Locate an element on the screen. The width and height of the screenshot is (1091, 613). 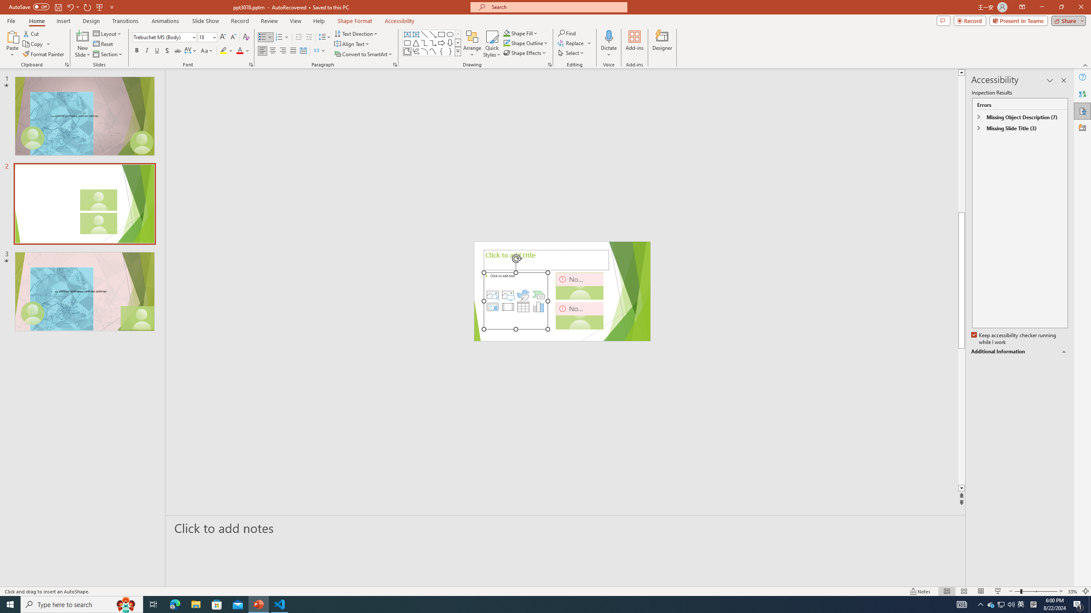
'Camera 5, No camera detected.' is located at coordinates (580, 286).